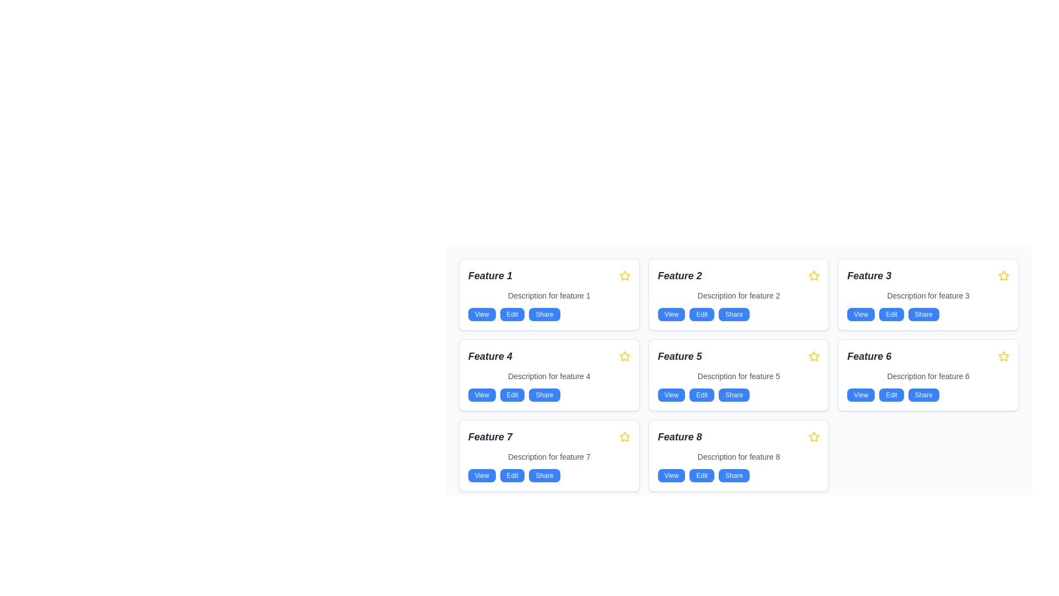 This screenshot has height=596, width=1059. Describe the element at coordinates (1003, 275) in the screenshot. I see `the star-shaped icon with a yellow border and white-filled center located in the top-right corner of the card titled 'Feature 3' in the first row, third column of the grid` at that location.